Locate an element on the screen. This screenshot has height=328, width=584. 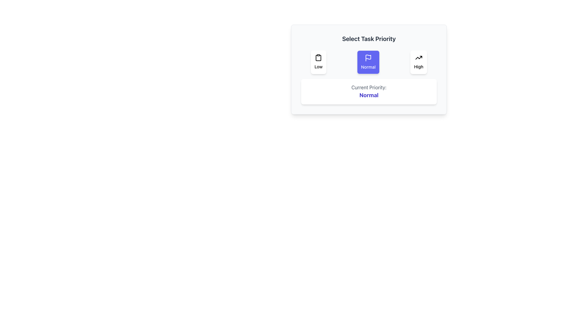
the descriptive text label indicating the purpose of the text 'Normal' in the white panel labeled 'Select Task Priority', which is located at the center of the interface is located at coordinates (369, 87).